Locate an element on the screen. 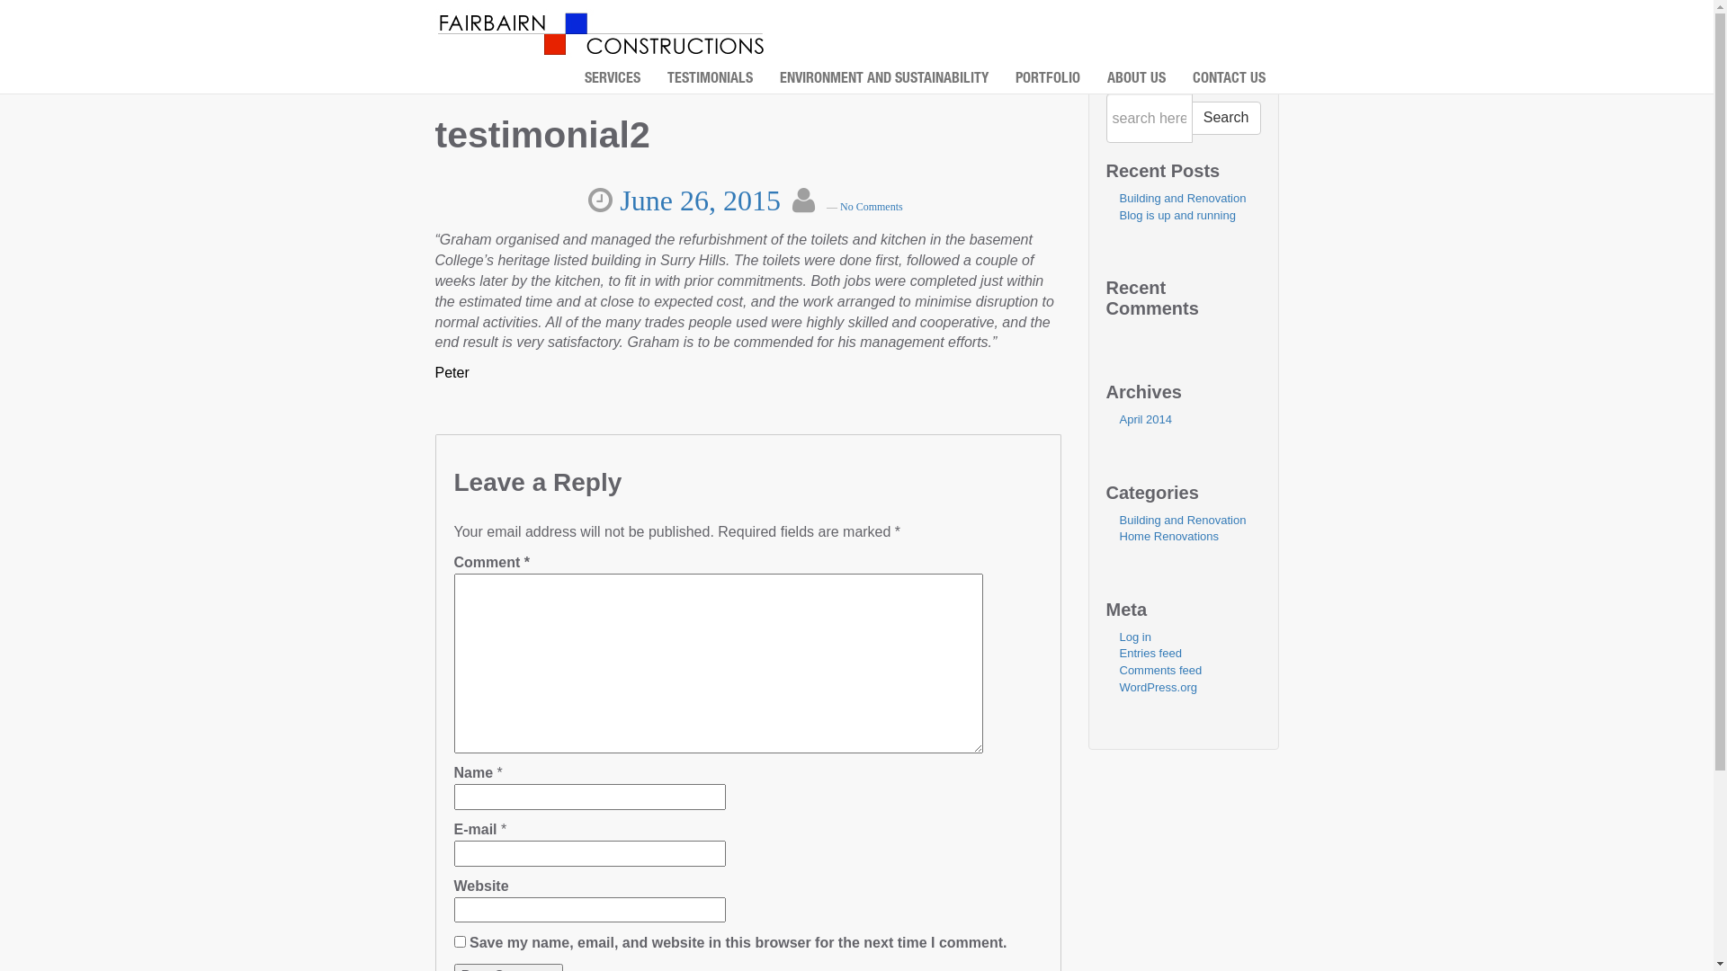 Image resolution: width=1727 pixels, height=971 pixels. 'PORTFOLIO' is located at coordinates (1000, 78).